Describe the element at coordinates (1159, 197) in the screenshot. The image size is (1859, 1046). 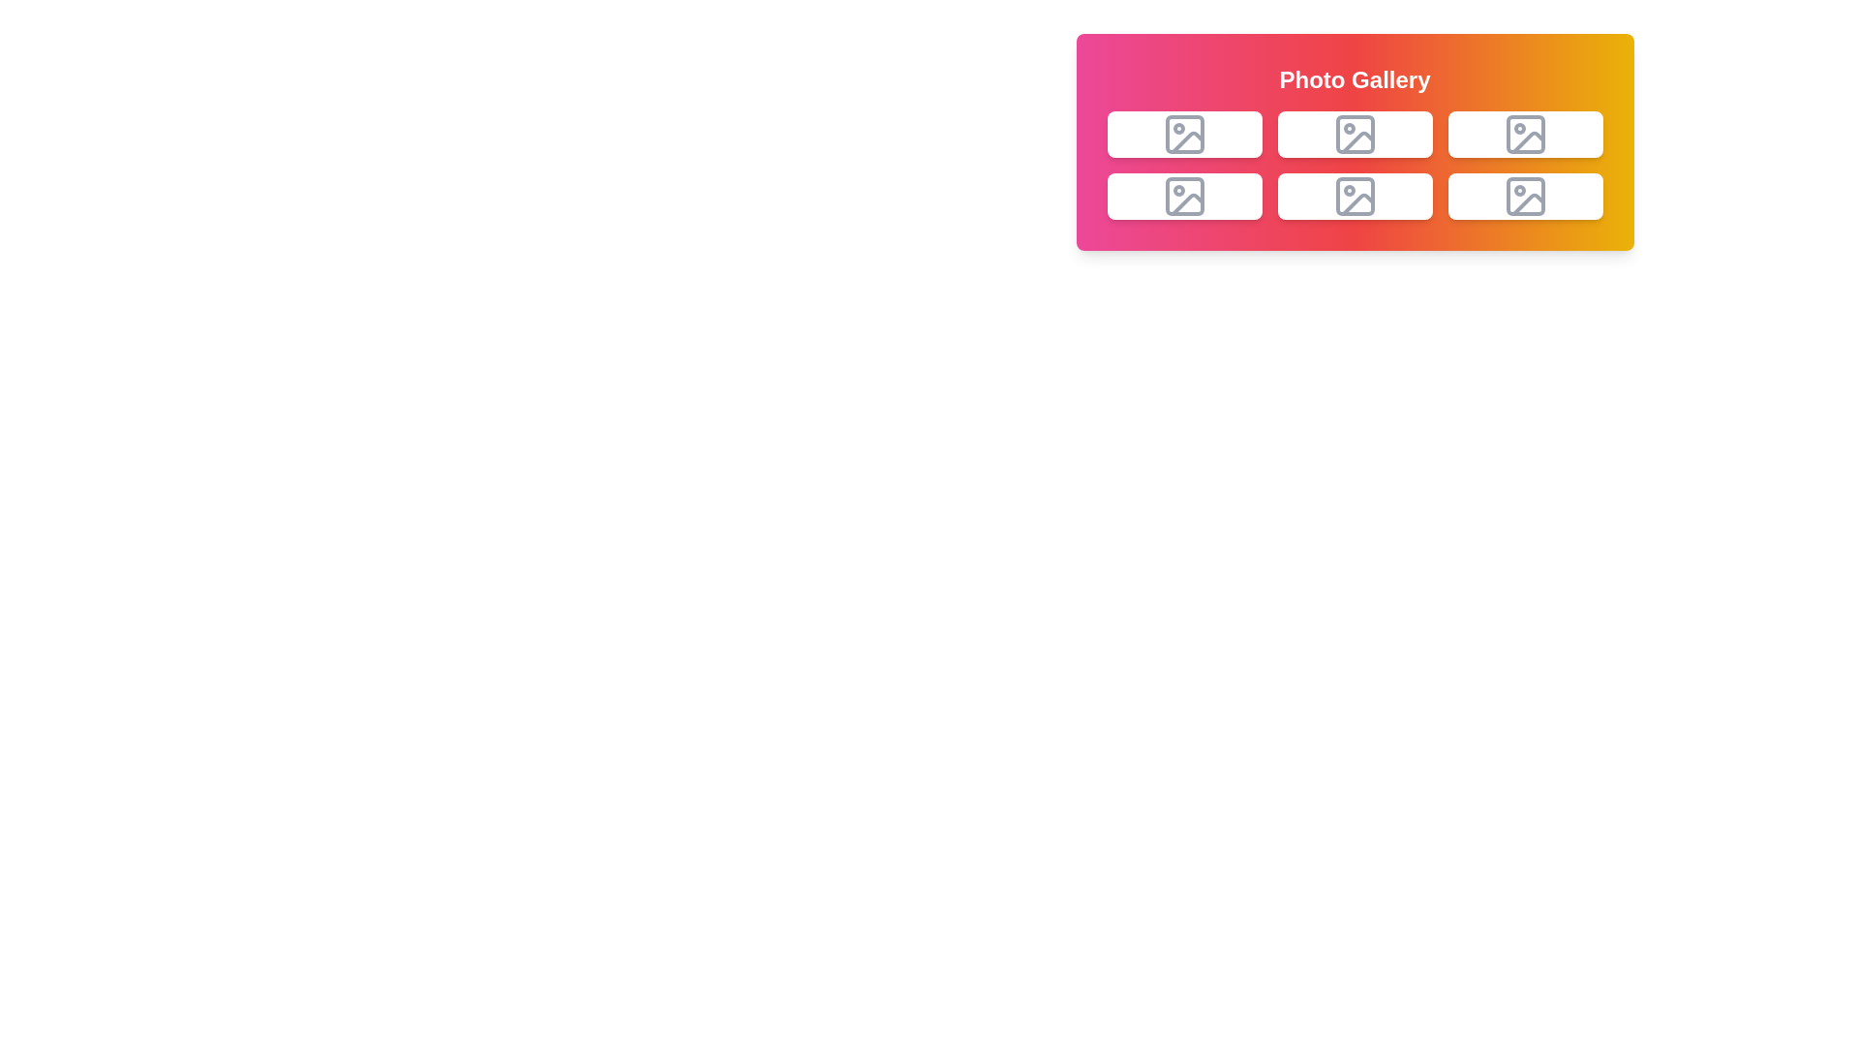
I see `the magnification button located in the second row, second column of the Photo Gallery interface` at that location.